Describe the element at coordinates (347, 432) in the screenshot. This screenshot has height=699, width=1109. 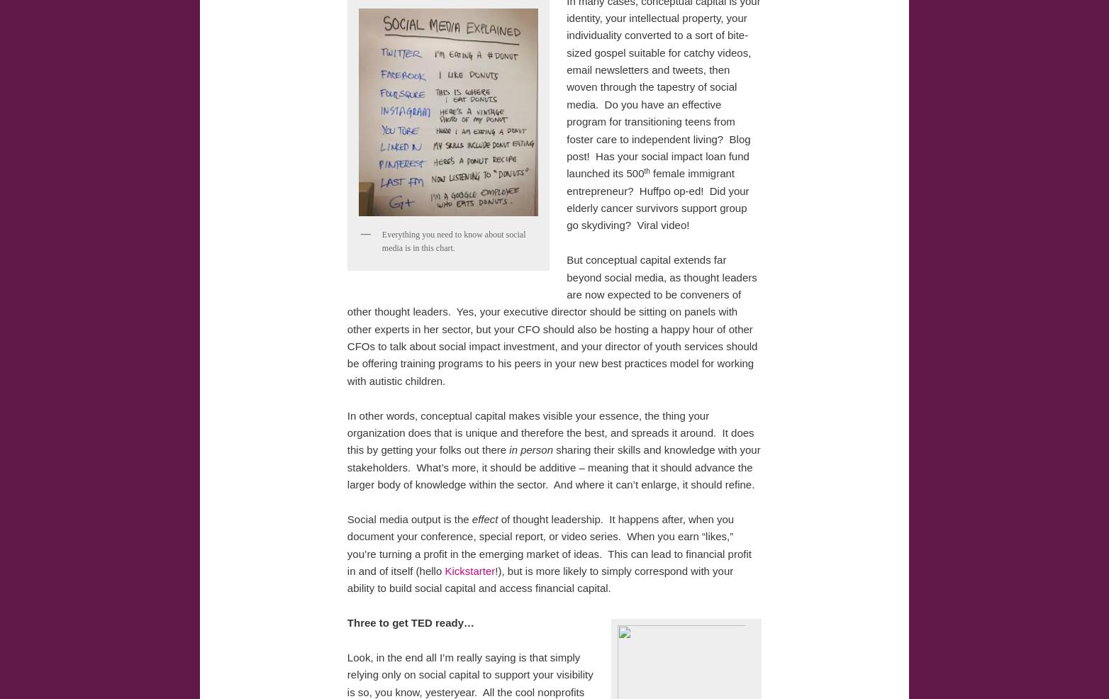
I see `'In other words, conceptual capital makes visible your essence, the thing your organization does that is unique and therefore the best, and spreads it around.  It does this by getting your folks out there'` at that location.